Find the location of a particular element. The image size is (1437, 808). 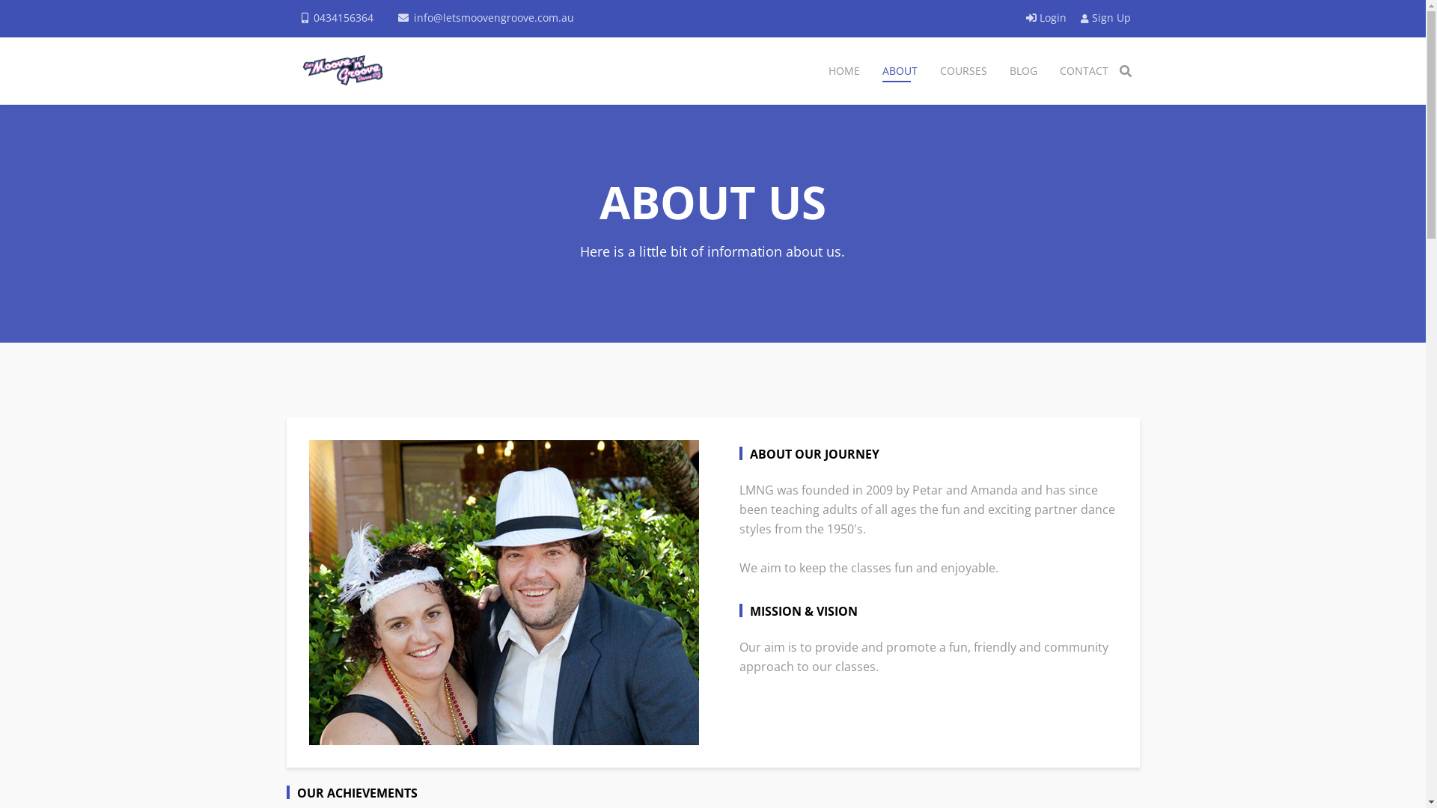

'CONTACT' is located at coordinates (1083, 71).